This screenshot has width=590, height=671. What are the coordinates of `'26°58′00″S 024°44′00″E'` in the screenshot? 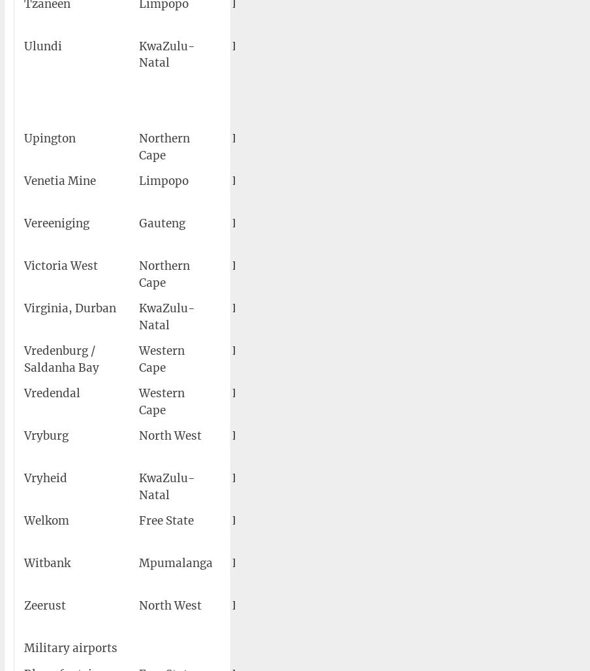 It's located at (491, 443).